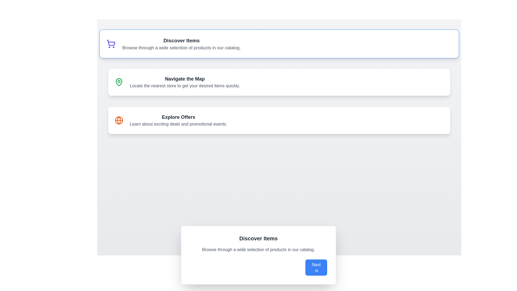 This screenshot has width=517, height=291. Describe the element at coordinates (118, 82) in the screenshot. I see `the green pin-like icon located in the top-left corner of the 'Navigate the Map' card, which serves as a visual representation for location or navigation` at that location.